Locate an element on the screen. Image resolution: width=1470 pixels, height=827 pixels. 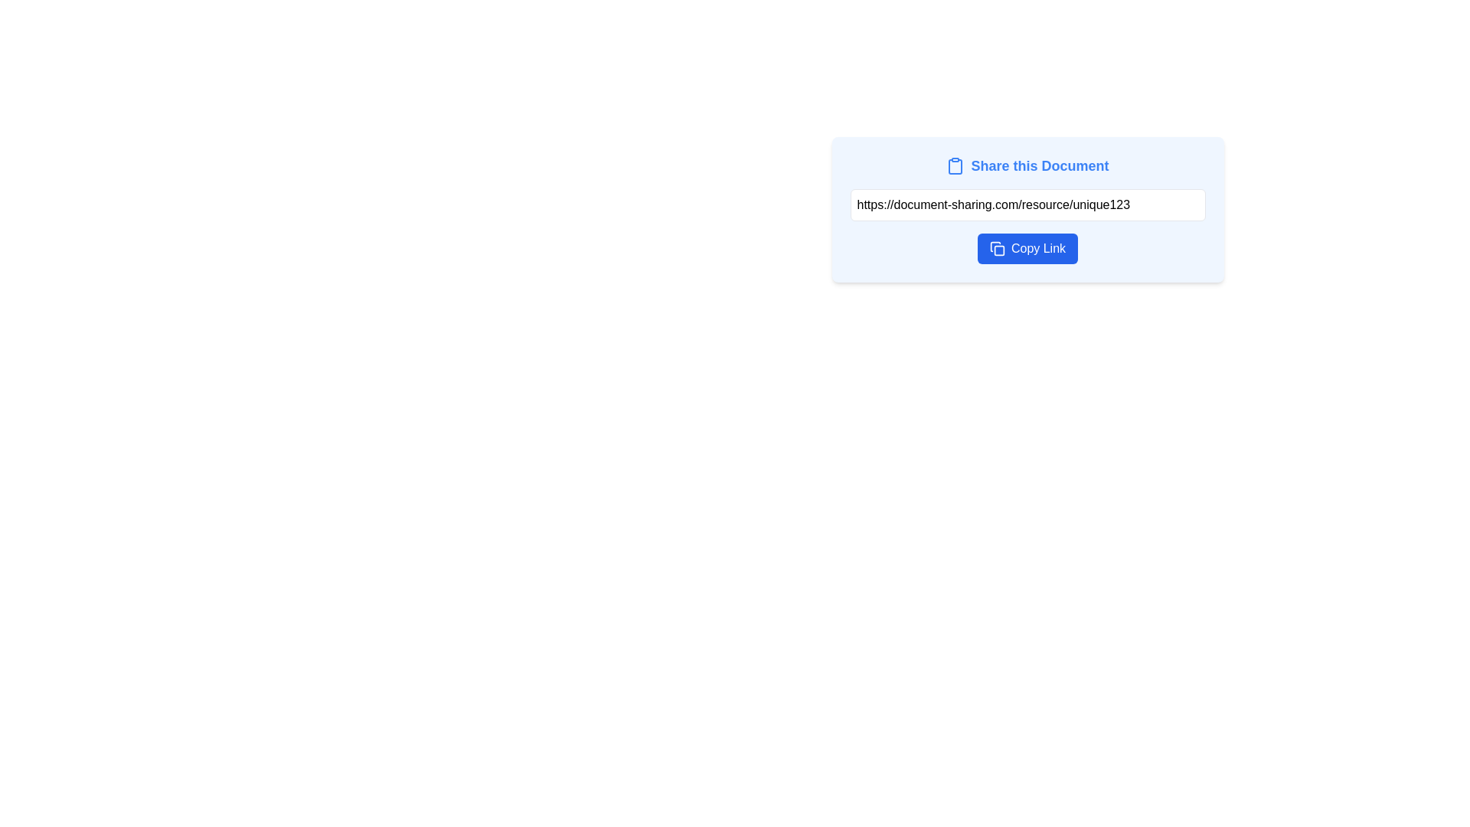
the button that contains the overlapping squares icon representing a copy action, located on the left side of the 'Copy Link' button is located at coordinates (997, 247).